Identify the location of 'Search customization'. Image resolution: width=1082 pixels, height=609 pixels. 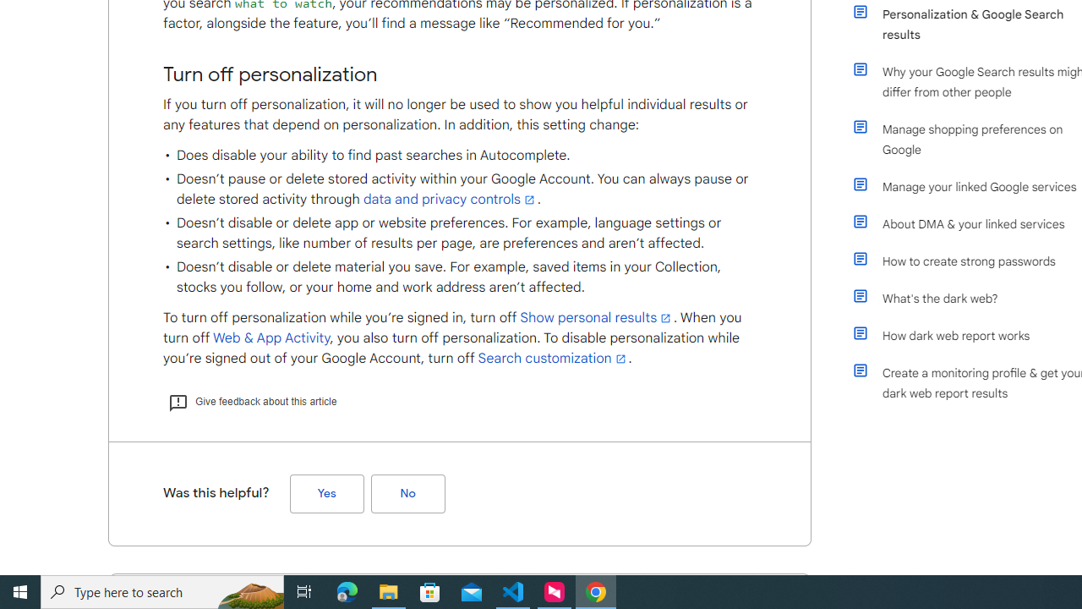
(553, 358).